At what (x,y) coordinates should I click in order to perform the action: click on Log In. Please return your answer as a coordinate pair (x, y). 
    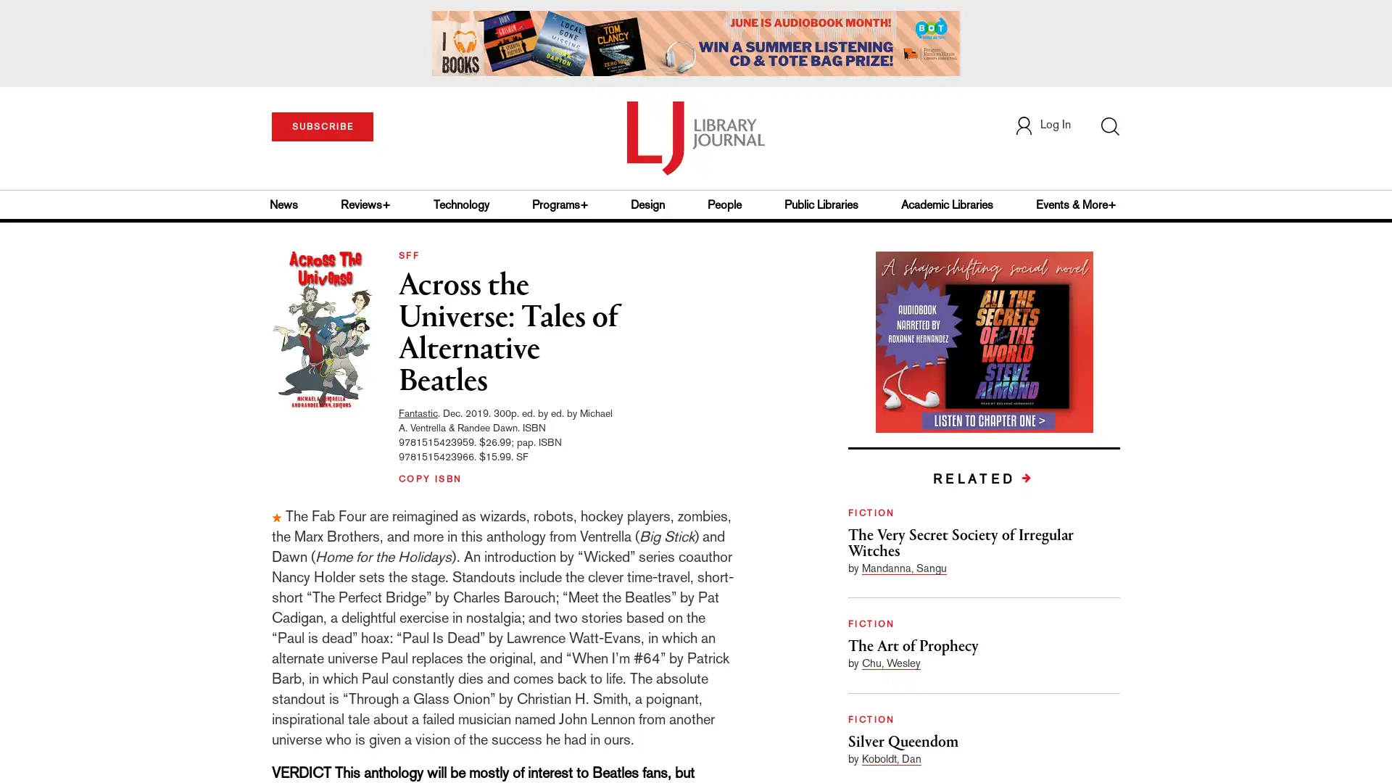
    Looking at the image, I should click on (1042, 125).